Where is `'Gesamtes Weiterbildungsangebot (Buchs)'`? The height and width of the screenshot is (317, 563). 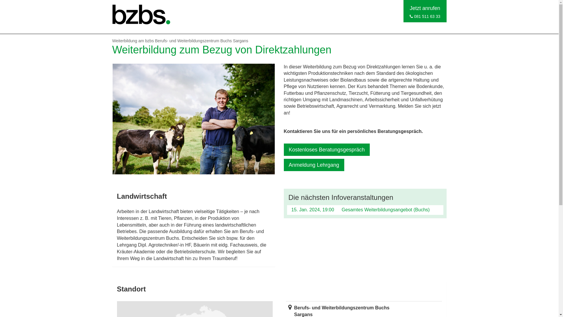 'Gesamtes Weiterbildungsangebot (Buchs)' is located at coordinates (386, 209).